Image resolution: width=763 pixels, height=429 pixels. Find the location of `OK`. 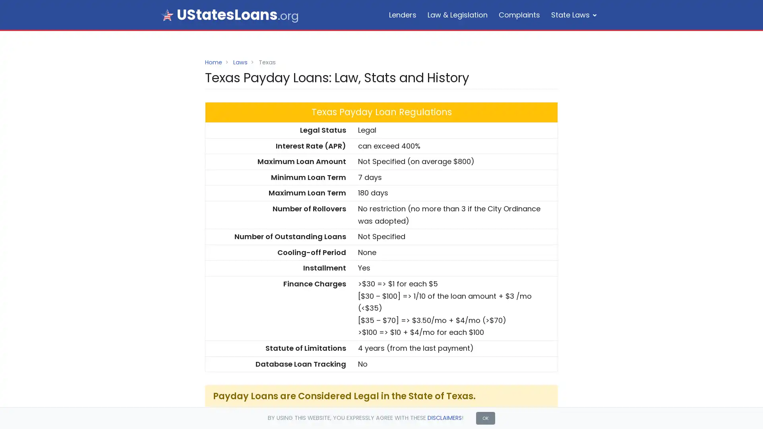

OK is located at coordinates (485, 417).